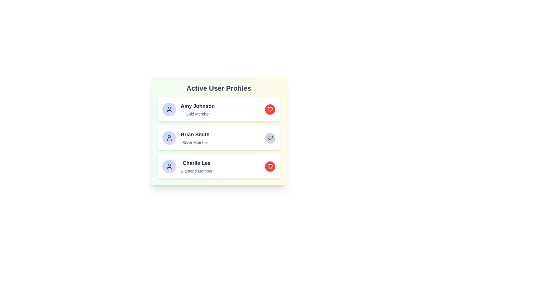 The width and height of the screenshot is (549, 308). What do you see at coordinates (169, 110) in the screenshot?
I see `the User Profile Icon, which is part of the top user profile card, located in the left section adjacent to the user's name and membership information` at bounding box center [169, 110].